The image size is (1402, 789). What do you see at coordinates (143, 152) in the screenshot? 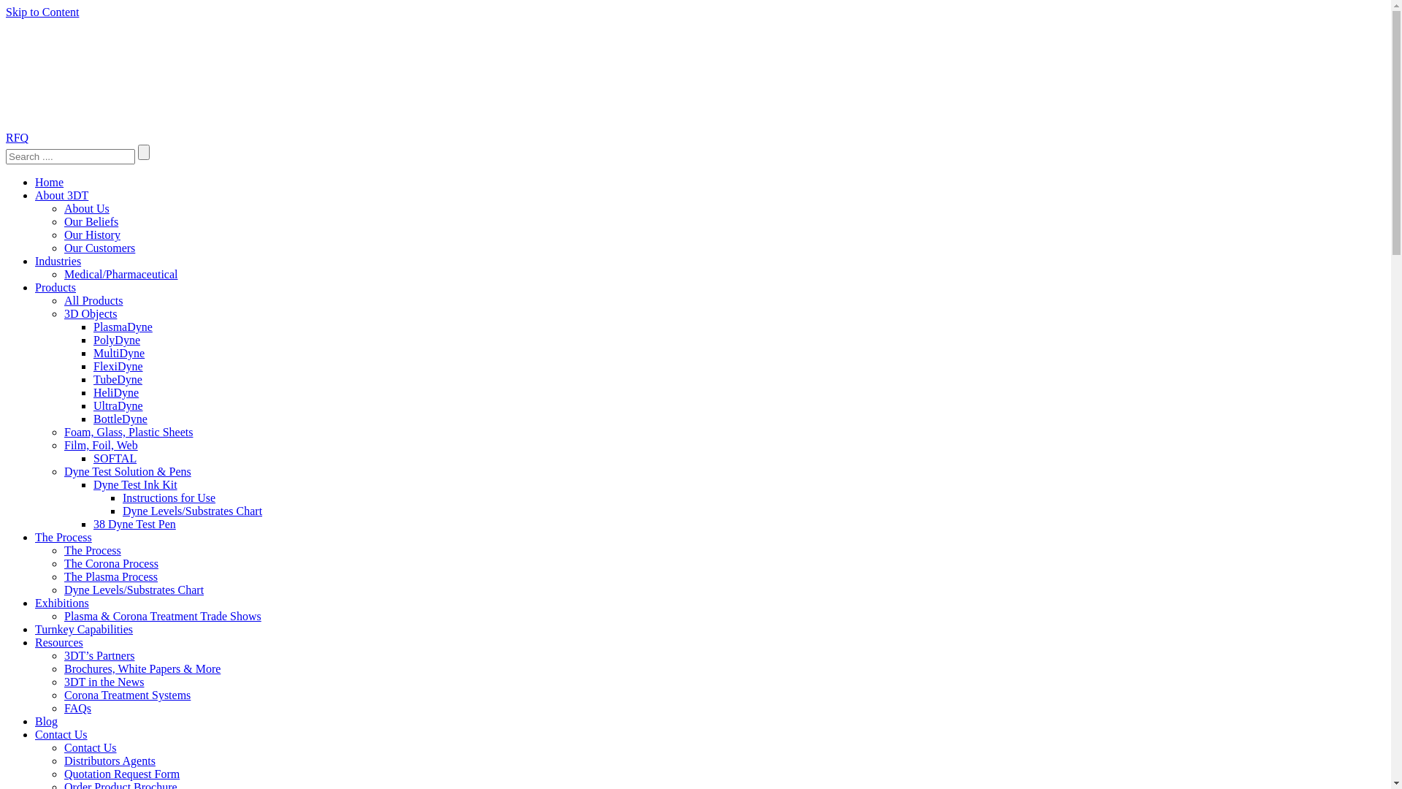
I see `'Search'` at bounding box center [143, 152].